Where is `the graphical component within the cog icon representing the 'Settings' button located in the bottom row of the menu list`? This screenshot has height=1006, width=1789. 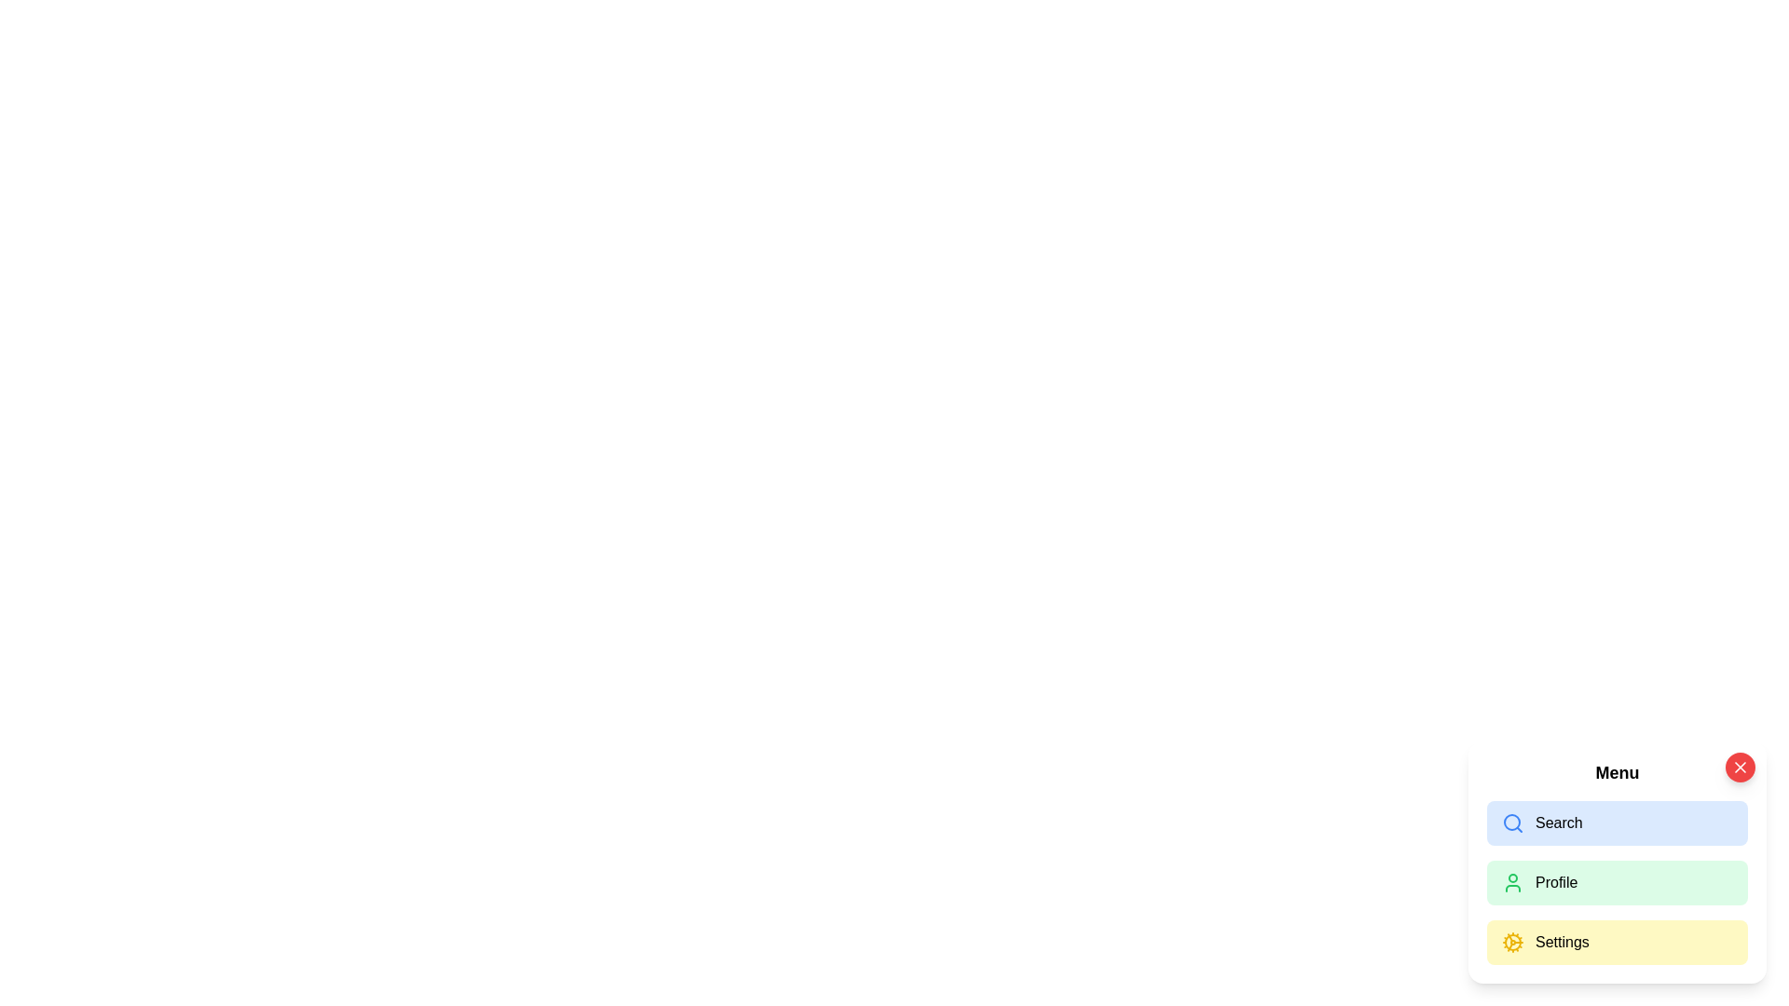 the graphical component within the cog icon representing the 'Settings' button located in the bottom row of the menu list is located at coordinates (1512, 942).